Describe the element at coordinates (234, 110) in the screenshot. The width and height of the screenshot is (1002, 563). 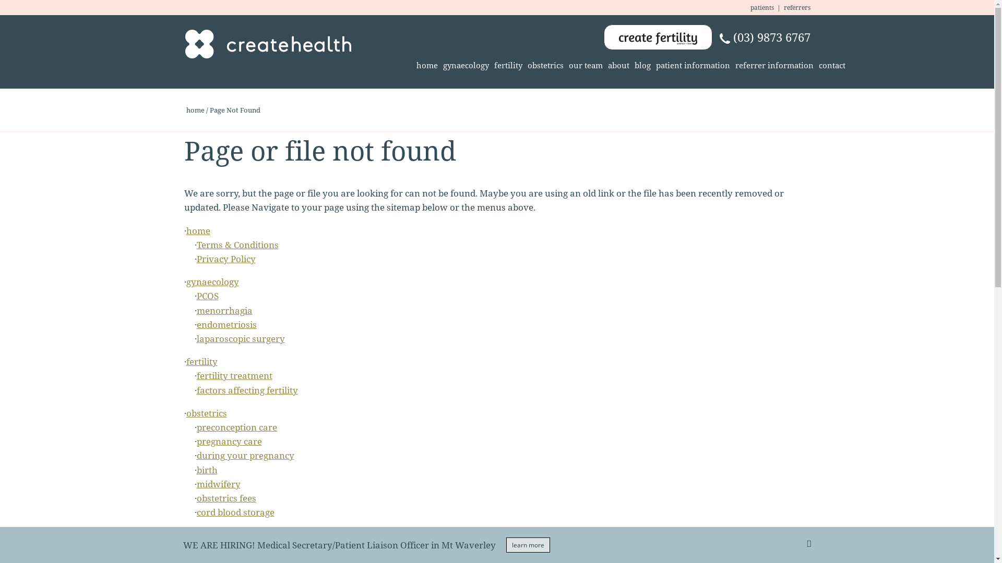
I see `'Page Not Found'` at that location.